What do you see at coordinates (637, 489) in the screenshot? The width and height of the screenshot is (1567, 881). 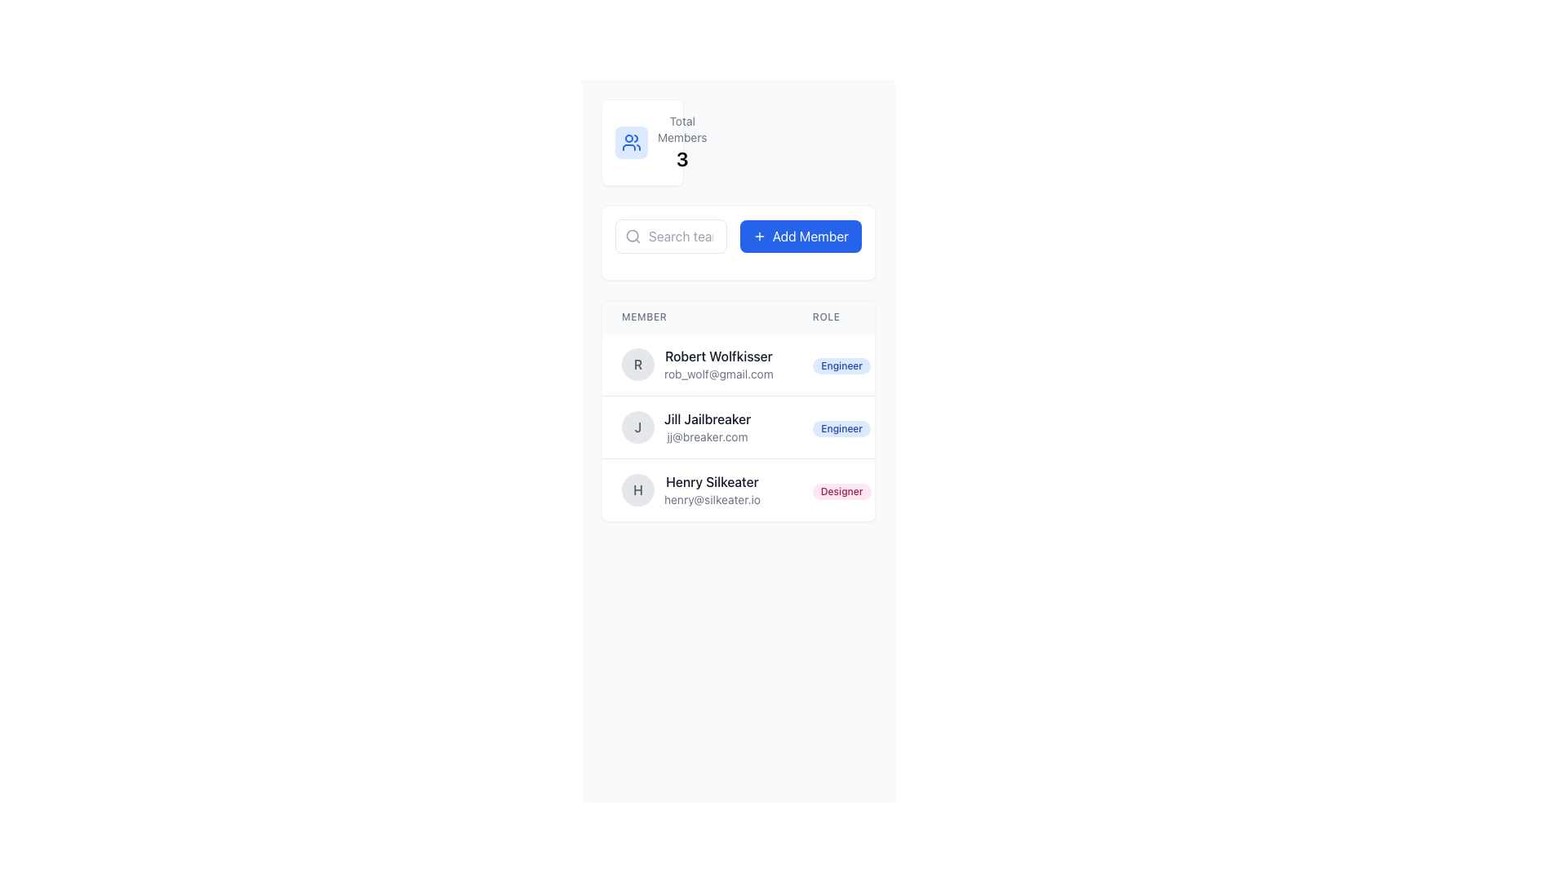 I see `the circular user avatar placeholder with a light gray background and a bold gray letter 'H' centered within it, which is the leftmost component in the row for 'Henry Silkeater'` at bounding box center [637, 489].